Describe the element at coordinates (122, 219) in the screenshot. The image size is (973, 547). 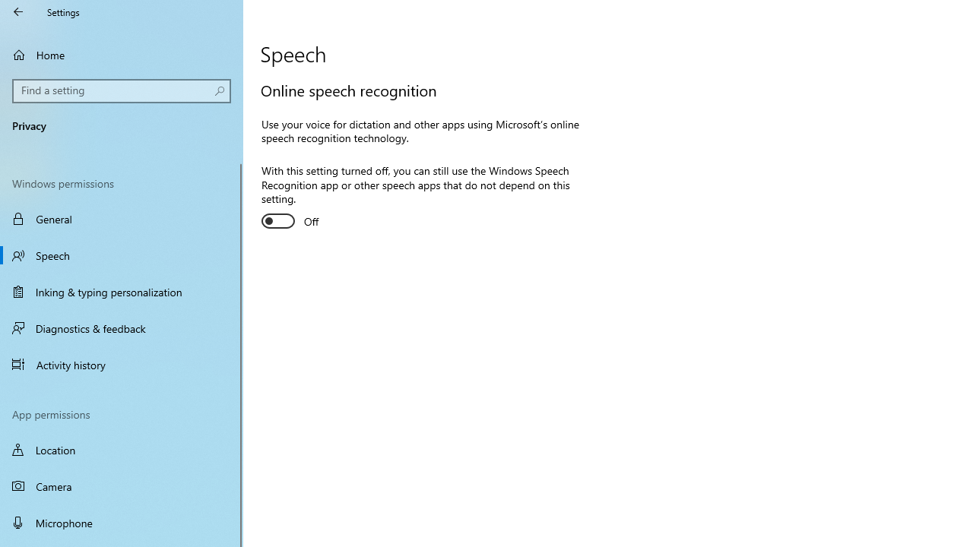
I see `'General'` at that location.